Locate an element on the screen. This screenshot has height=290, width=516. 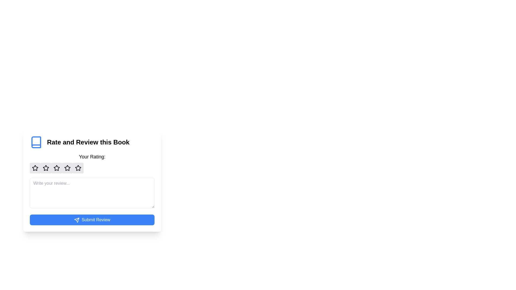
the Header with an accompanying icon that serves as a title for the rating and review section of the current book is located at coordinates (92, 142).